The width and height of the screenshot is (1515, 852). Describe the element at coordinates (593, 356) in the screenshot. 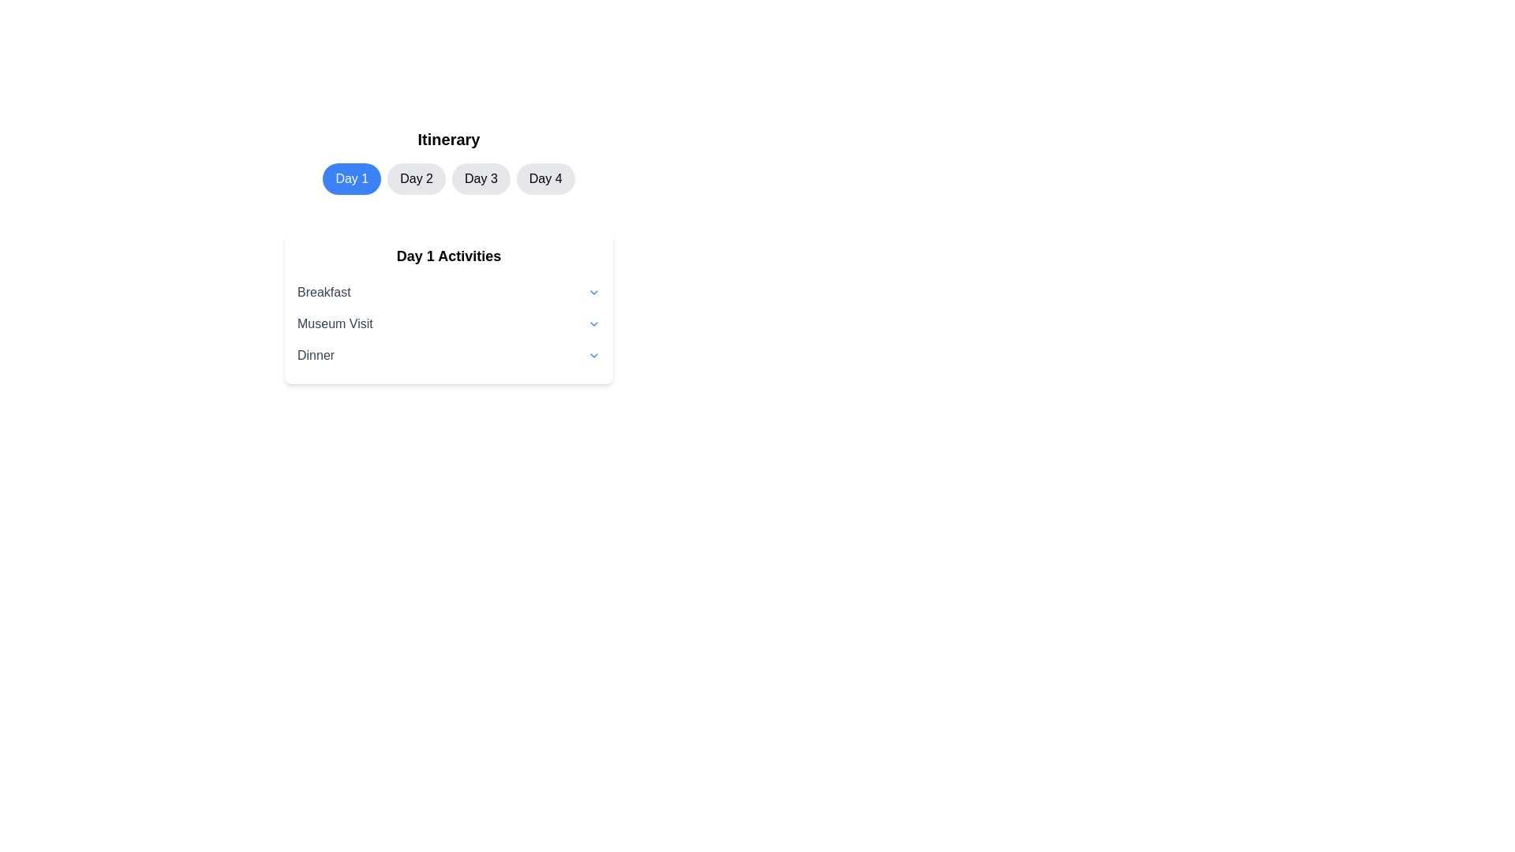

I see `the chevron icon to change its color, which is positioned to the far right of the 'Dinner' text in the Day 1 Activities list` at that location.